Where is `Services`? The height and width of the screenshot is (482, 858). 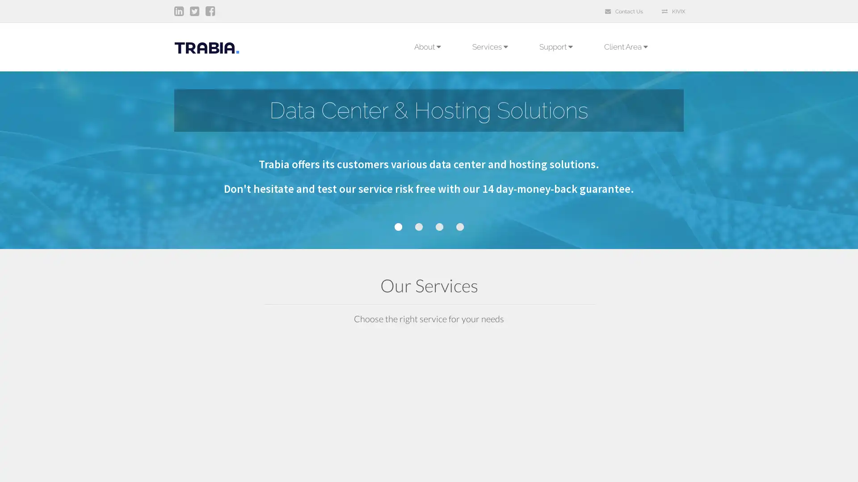
Services is located at coordinates (490, 46).